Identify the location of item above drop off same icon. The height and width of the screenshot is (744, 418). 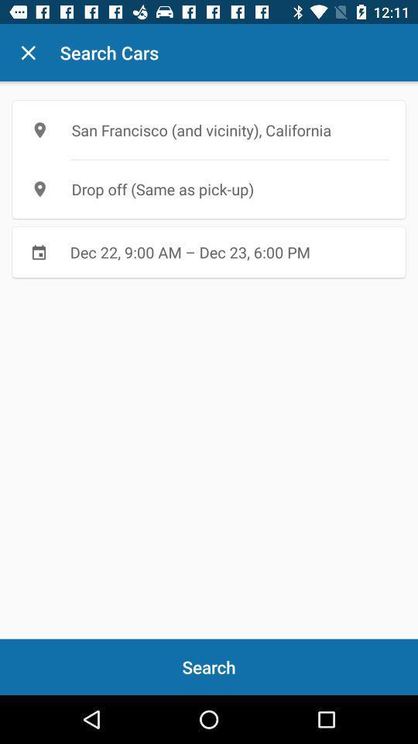
(209, 129).